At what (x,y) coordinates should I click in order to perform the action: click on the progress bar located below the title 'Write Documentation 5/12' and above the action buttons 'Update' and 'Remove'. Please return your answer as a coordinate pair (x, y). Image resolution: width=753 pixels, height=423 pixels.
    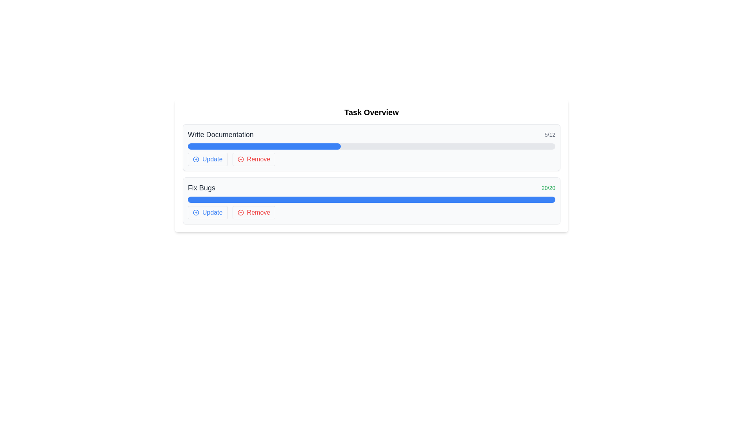
    Looking at the image, I should click on (371, 146).